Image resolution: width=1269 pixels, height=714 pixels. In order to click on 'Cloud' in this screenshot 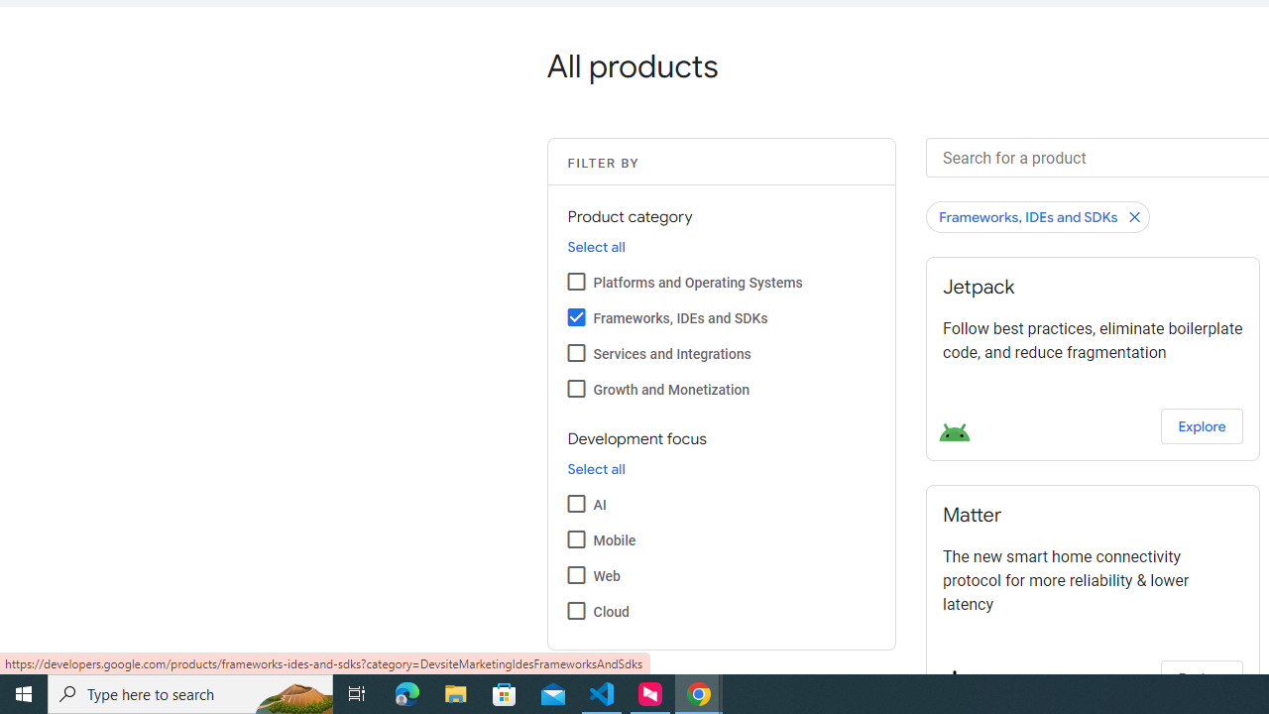, I will do `click(575, 609)`.